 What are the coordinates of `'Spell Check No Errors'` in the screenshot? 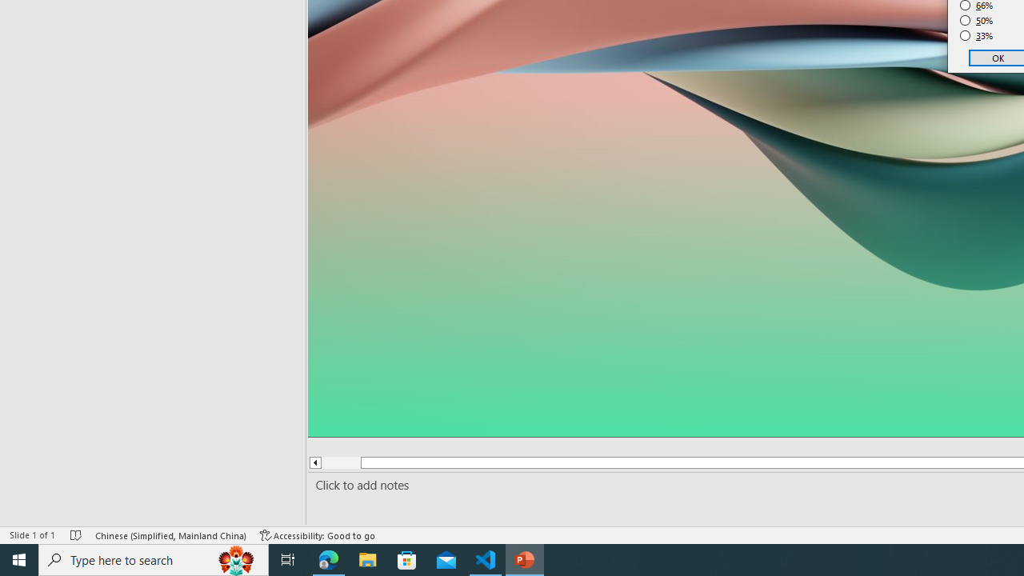 It's located at (76, 535).